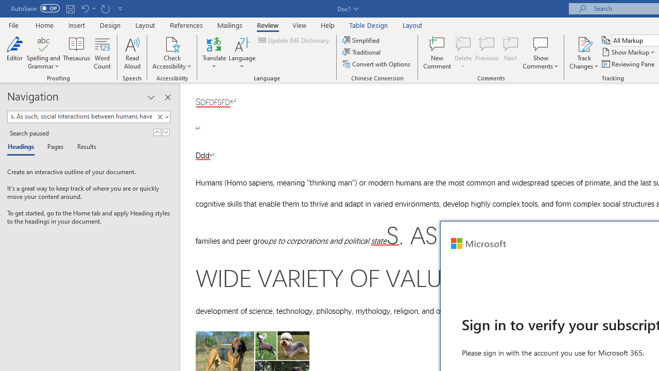 This screenshot has width=659, height=371. What do you see at coordinates (161, 116) in the screenshot?
I see `'Clear'` at bounding box center [161, 116].